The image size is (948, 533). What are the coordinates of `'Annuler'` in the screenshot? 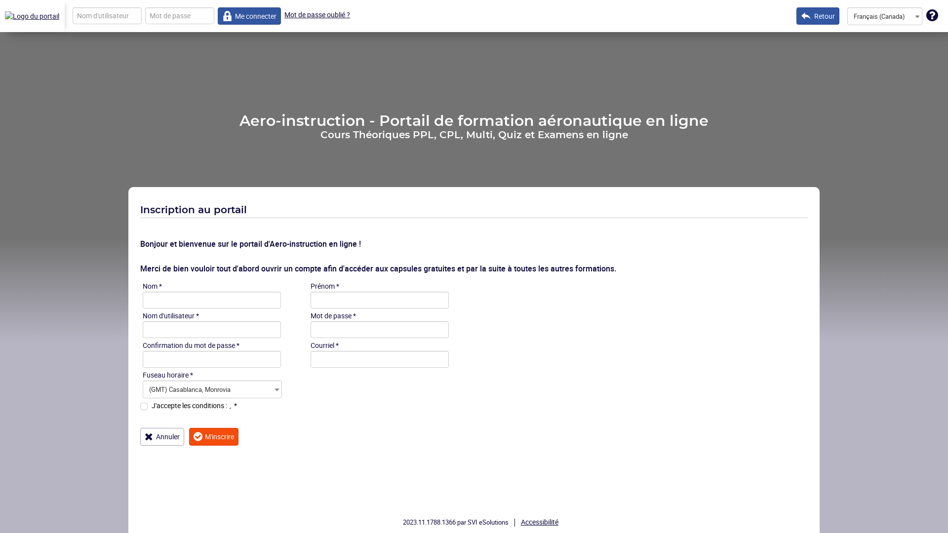 It's located at (162, 436).